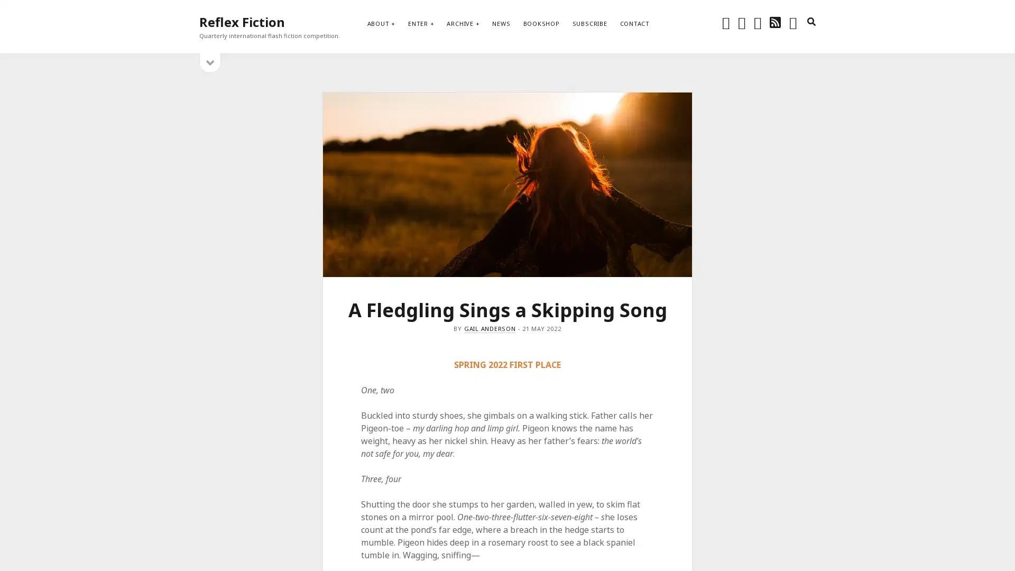 Image resolution: width=1015 pixels, height=571 pixels. I want to click on open sidebar, so click(209, 63).